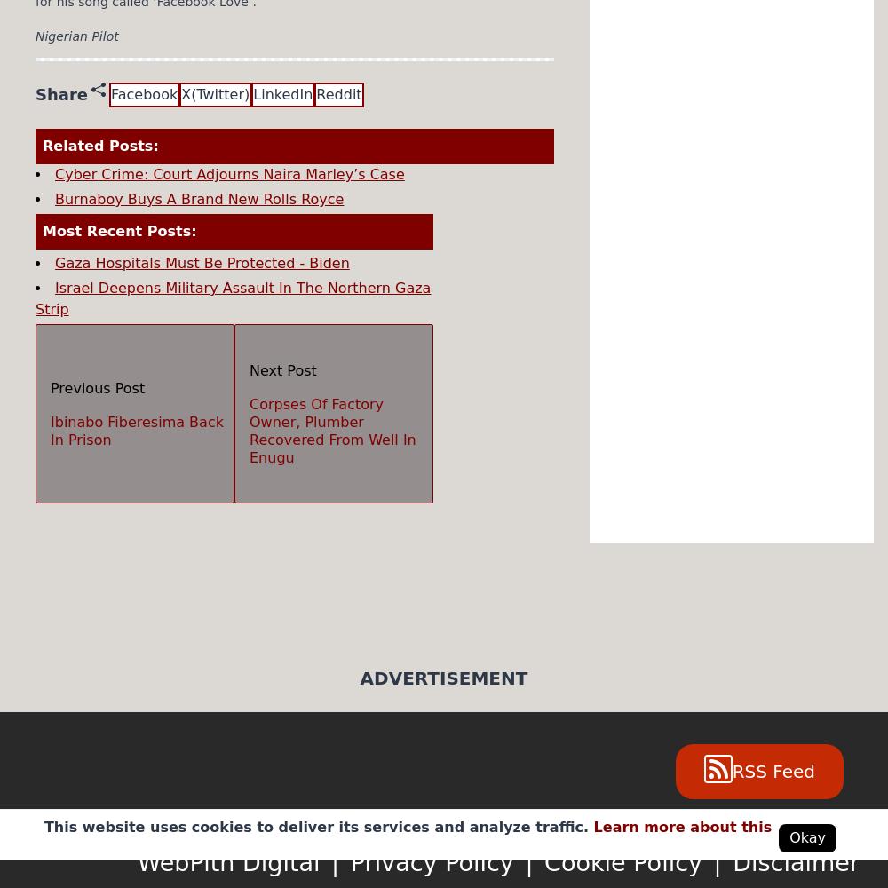 This screenshot has height=888, width=888. What do you see at coordinates (317, 827) in the screenshot?
I see `'This website uses cookies to deliver its services and analyze traffic.'` at bounding box center [317, 827].